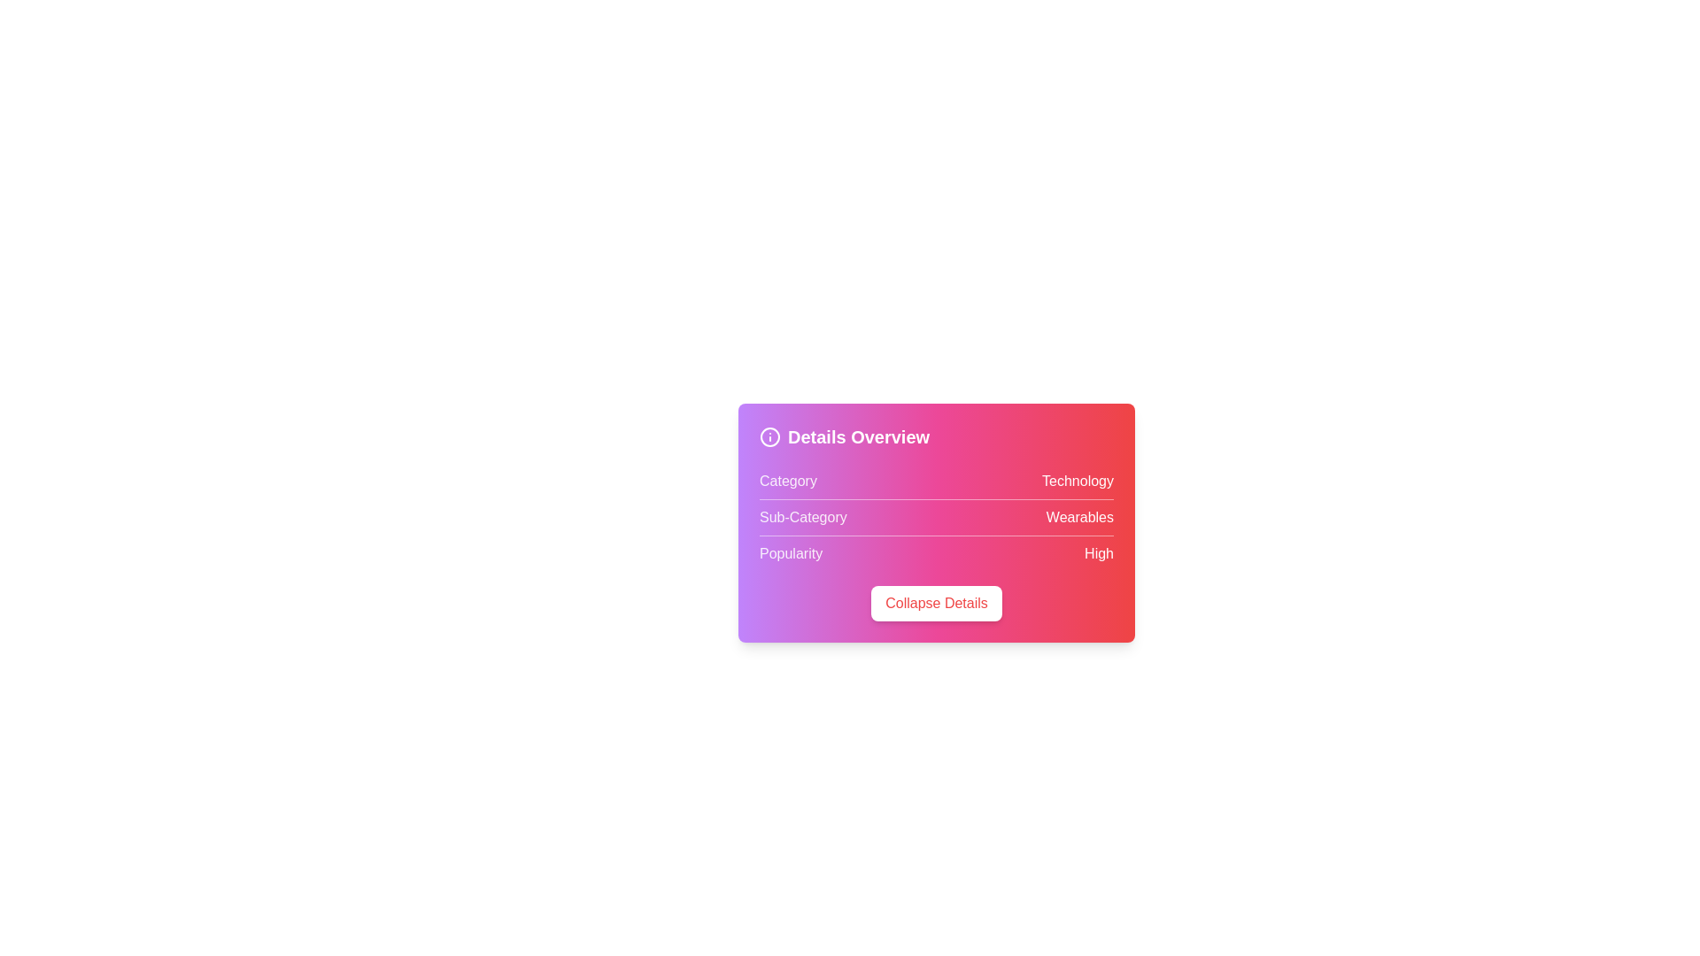 This screenshot has width=1700, height=956. What do you see at coordinates (790, 552) in the screenshot?
I see `the Static Text Label displaying 'Popularity', which is styled with a white font color and located on a gradient background transitioning from purple to pink, near the bottom-left of a horizontally distributed pair aligned with the 'High' label` at bounding box center [790, 552].